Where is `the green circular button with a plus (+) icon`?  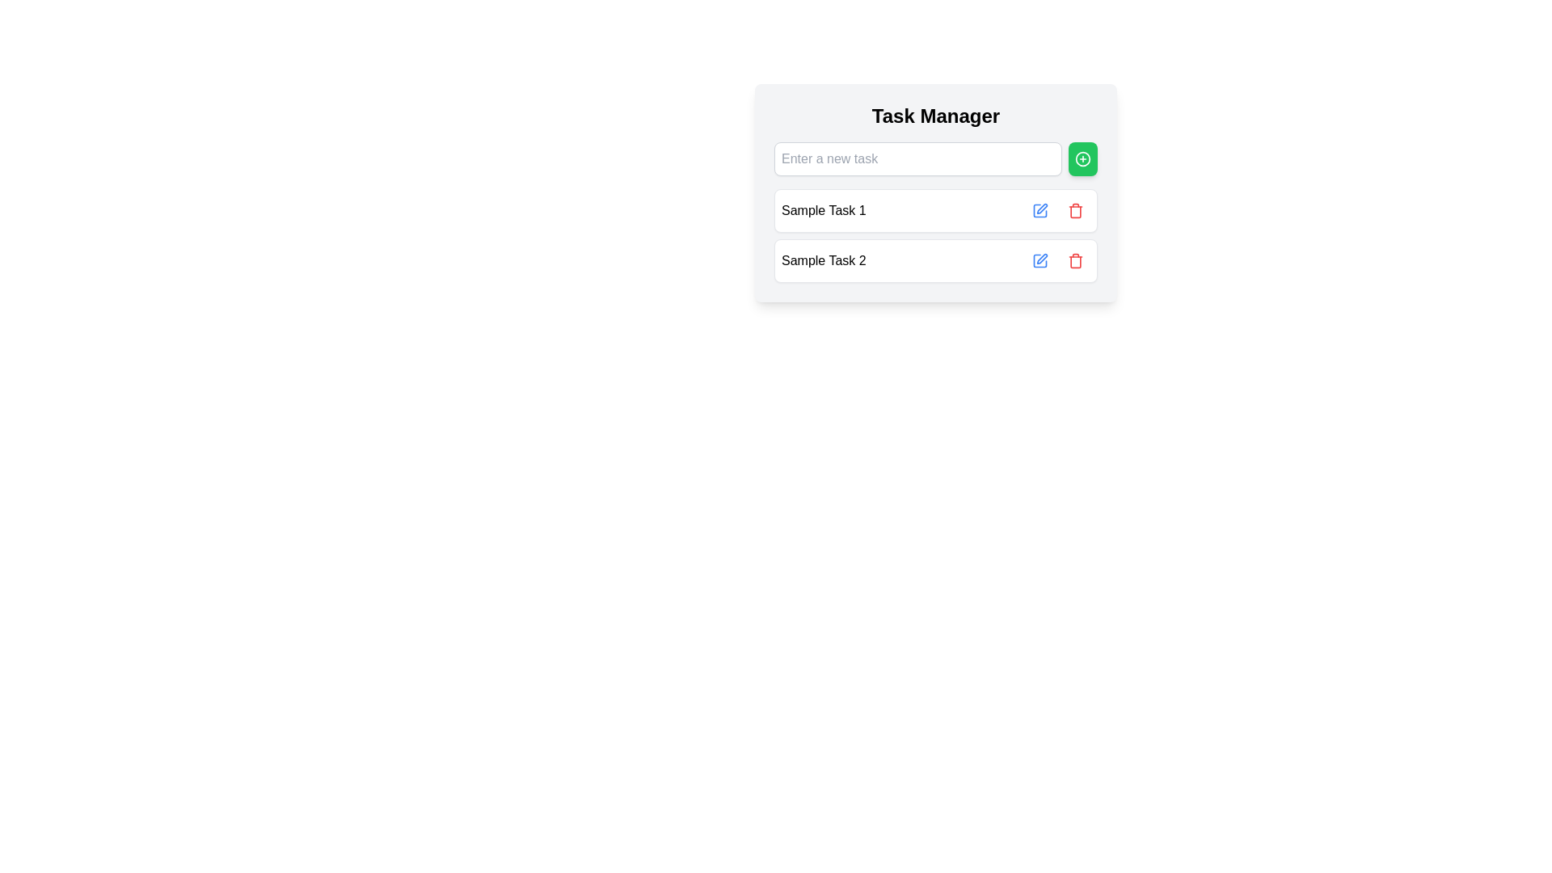
the green circular button with a plus (+) icon is located at coordinates (1082, 158).